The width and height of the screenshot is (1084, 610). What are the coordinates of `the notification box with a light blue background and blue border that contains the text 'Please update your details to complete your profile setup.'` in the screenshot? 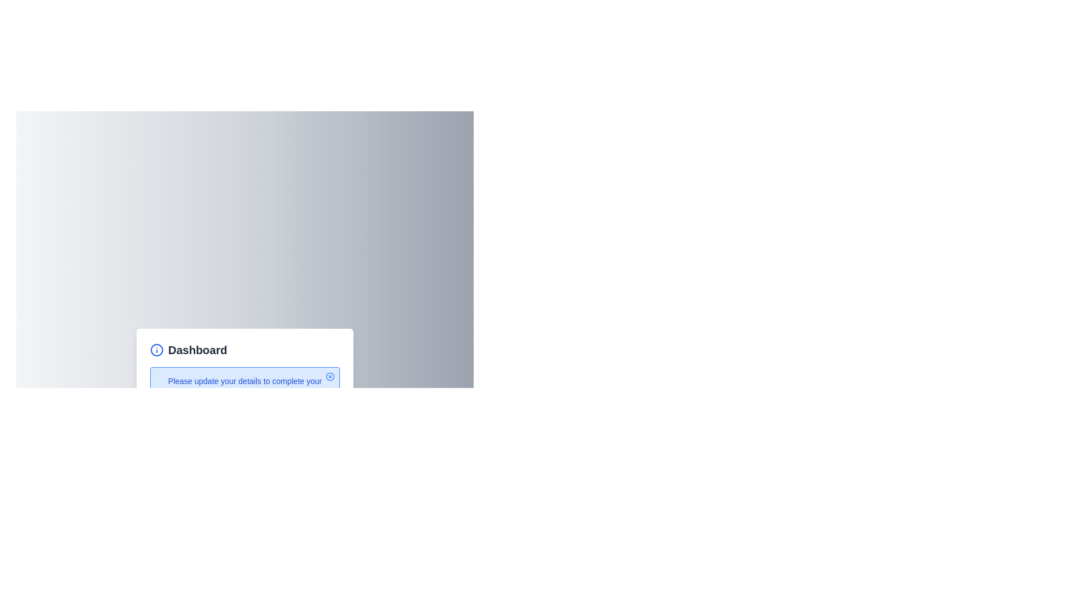 It's located at (244, 387).